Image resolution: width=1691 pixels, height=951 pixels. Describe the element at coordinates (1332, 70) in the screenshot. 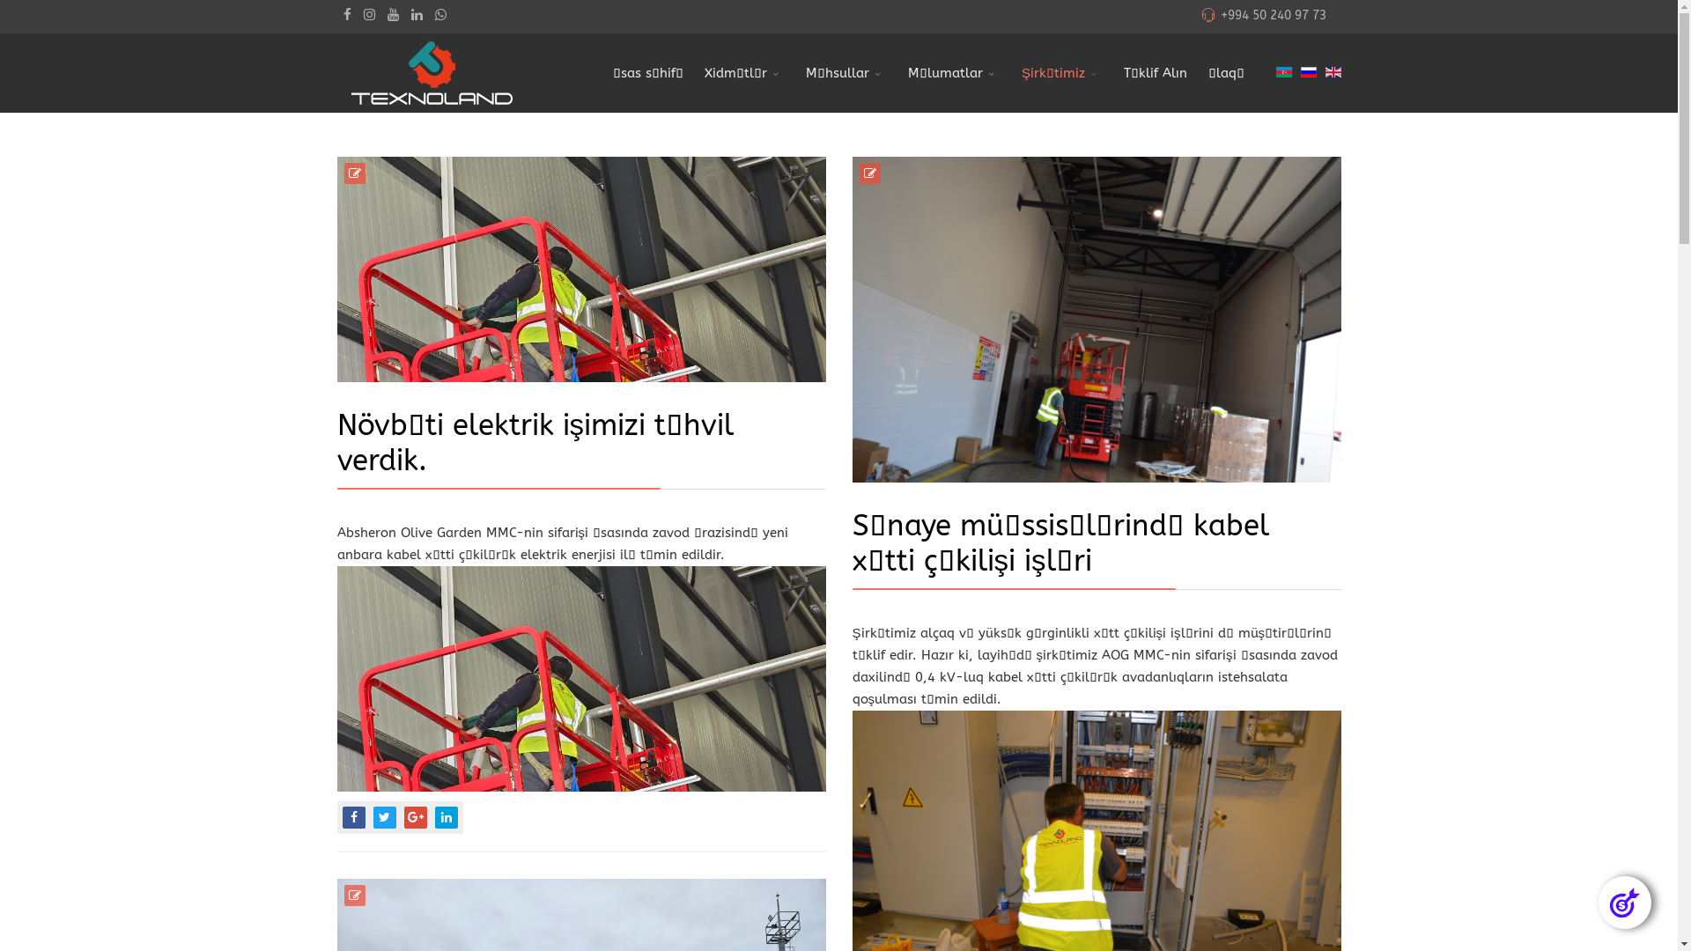

I see `'English (UK)'` at that location.